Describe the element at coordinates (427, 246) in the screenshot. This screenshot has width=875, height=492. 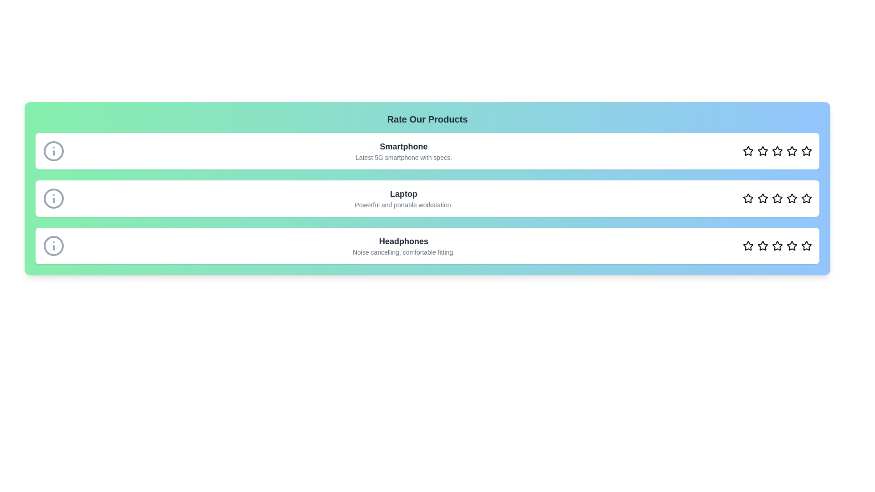
I see `text content of the Product information card for 'Headphones', which is the third item in a vertical list of product descriptions` at that location.